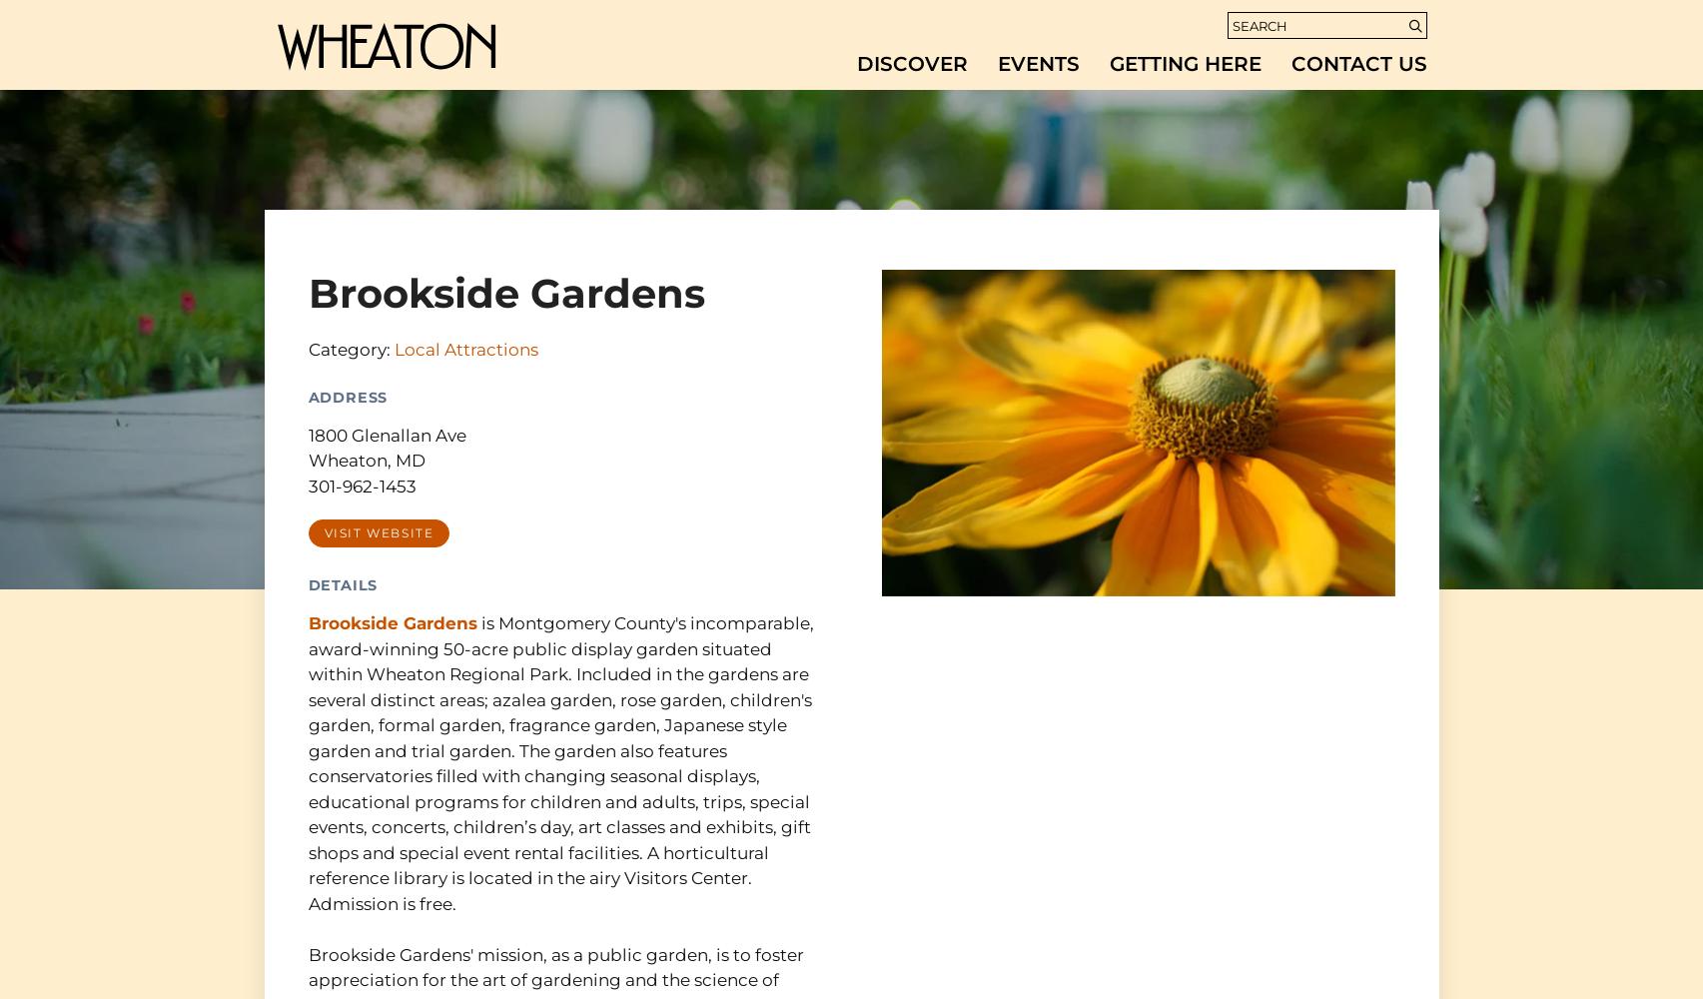 The image size is (1703, 999). I want to click on 'Wheaton, MD', so click(365, 460).